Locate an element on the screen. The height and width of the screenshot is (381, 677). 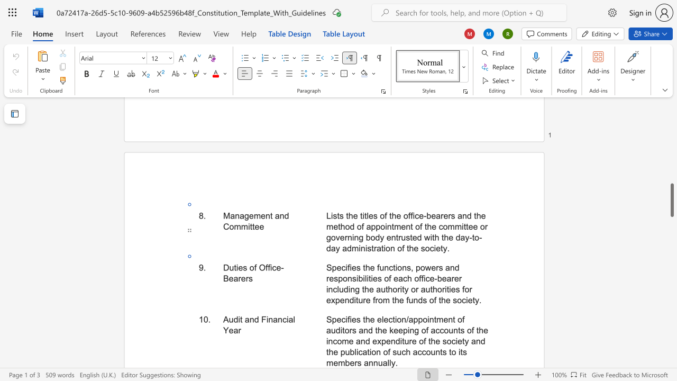
the space between the continuous character "r" and "e" in the text is located at coordinates (411, 341).